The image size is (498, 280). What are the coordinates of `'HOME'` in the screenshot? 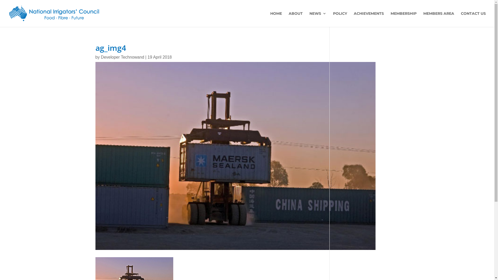 It's located at (270, 19).